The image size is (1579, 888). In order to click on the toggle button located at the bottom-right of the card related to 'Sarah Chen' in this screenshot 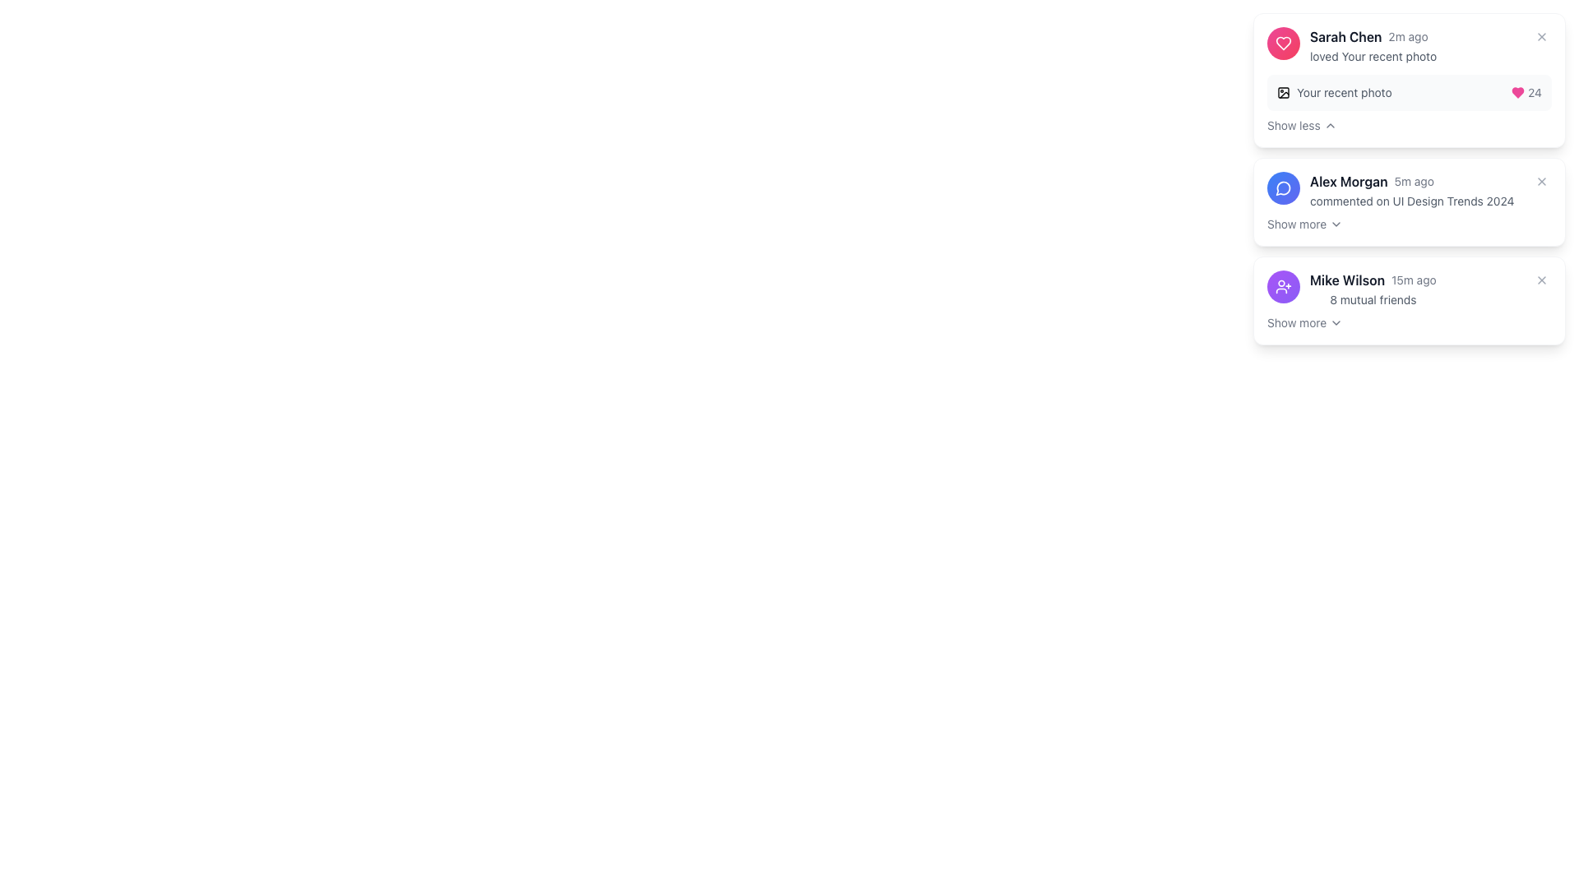, I will do `click(1301, 125)`.